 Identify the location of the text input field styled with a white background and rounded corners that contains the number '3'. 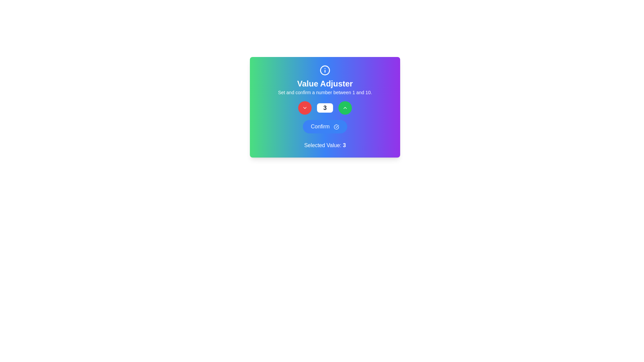
(325, 107).